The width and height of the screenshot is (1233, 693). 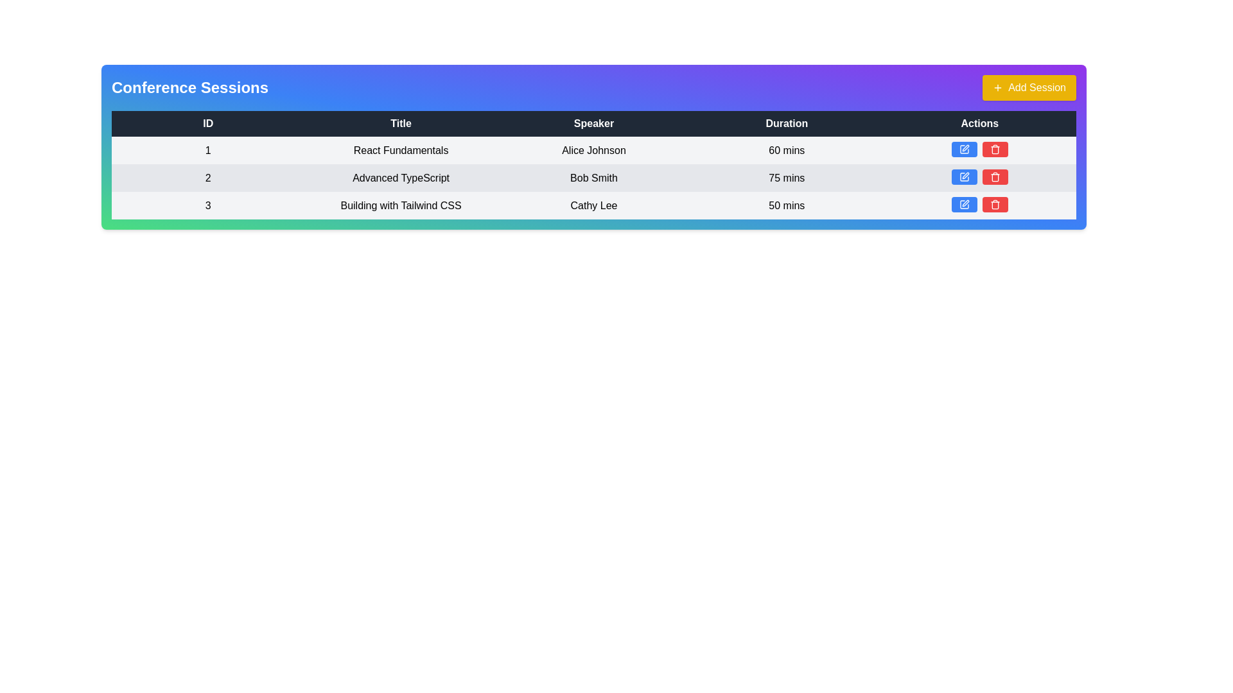 What do you see at coordinates (786, 205) in the screenshot?
I see `the text label indicating the duration of the session 'Building with Tailwind CSS' located in the 'Duration' column of the table, aligned with the row for speaker 'Cathy Lee'` at bounding box center [786, 205].